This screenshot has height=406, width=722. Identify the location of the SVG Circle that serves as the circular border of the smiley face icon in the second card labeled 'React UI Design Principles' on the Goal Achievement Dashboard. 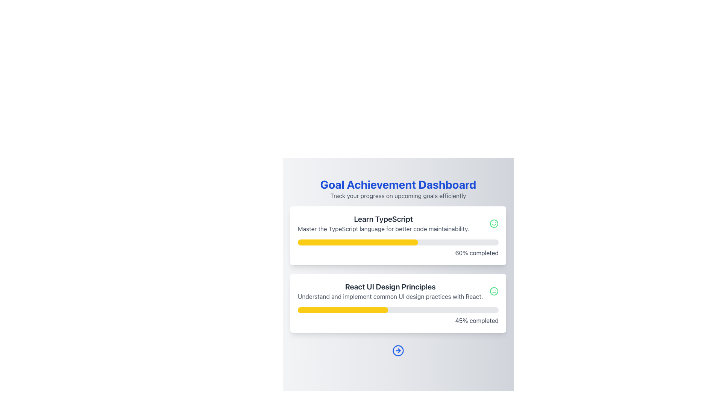
(494, 291).